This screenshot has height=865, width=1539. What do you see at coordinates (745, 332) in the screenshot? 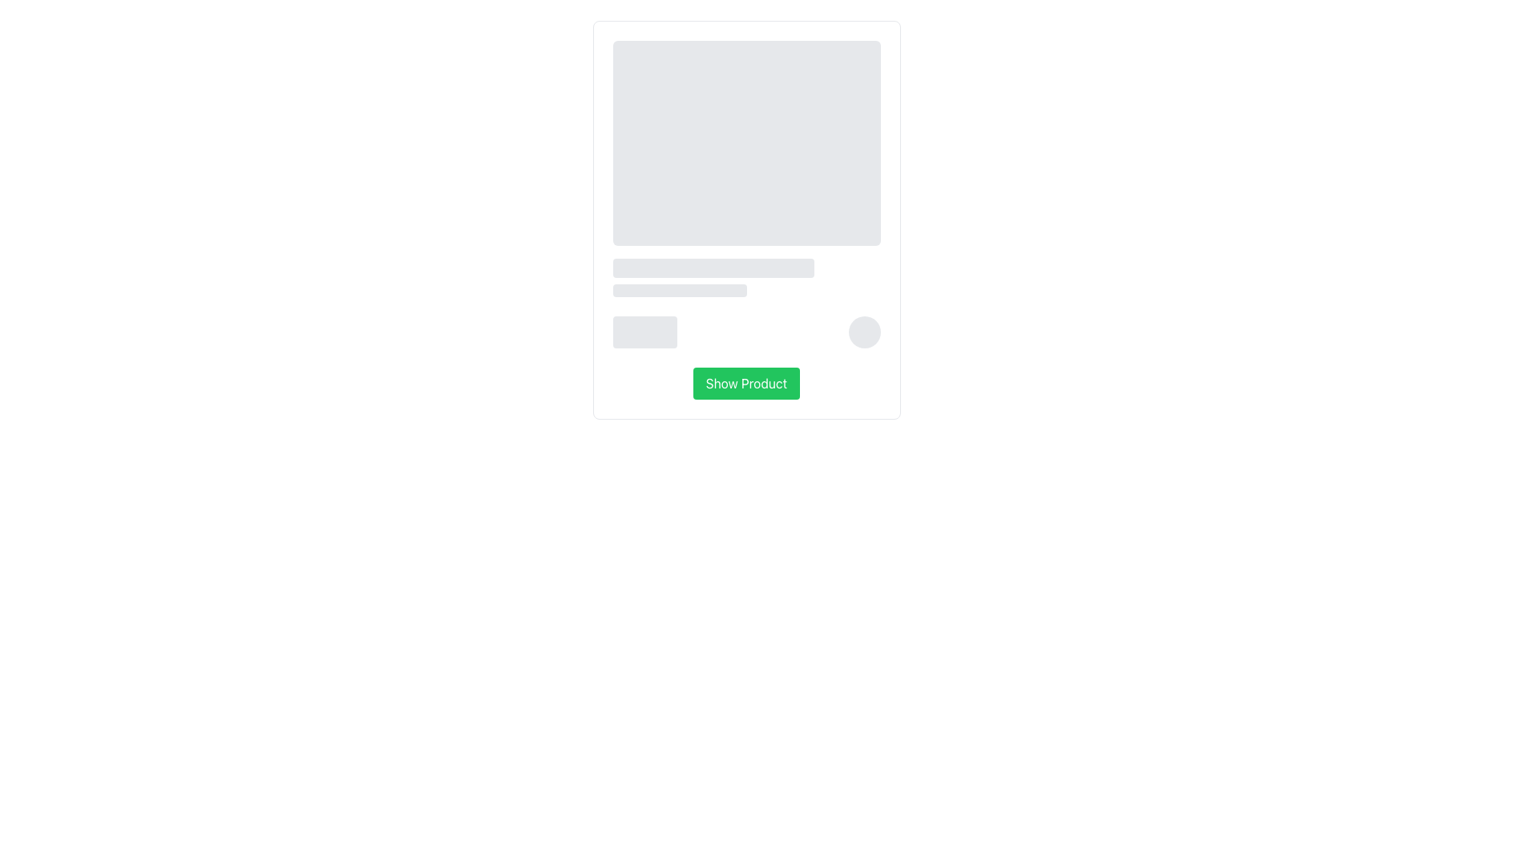
I see `the Skeleton loader layout, which consists of a light gray rectangular shape with rounded corners on the left and a light gray circular shape on the right, positioned above the 'Show Product' button` at bounding box center [745, 332].